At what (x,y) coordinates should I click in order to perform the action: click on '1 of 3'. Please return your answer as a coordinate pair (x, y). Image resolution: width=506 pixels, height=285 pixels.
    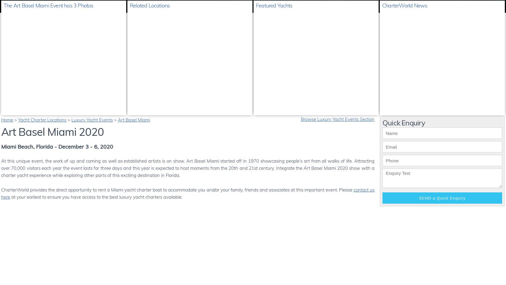
    Looking at the image, I should click on (10, 104).